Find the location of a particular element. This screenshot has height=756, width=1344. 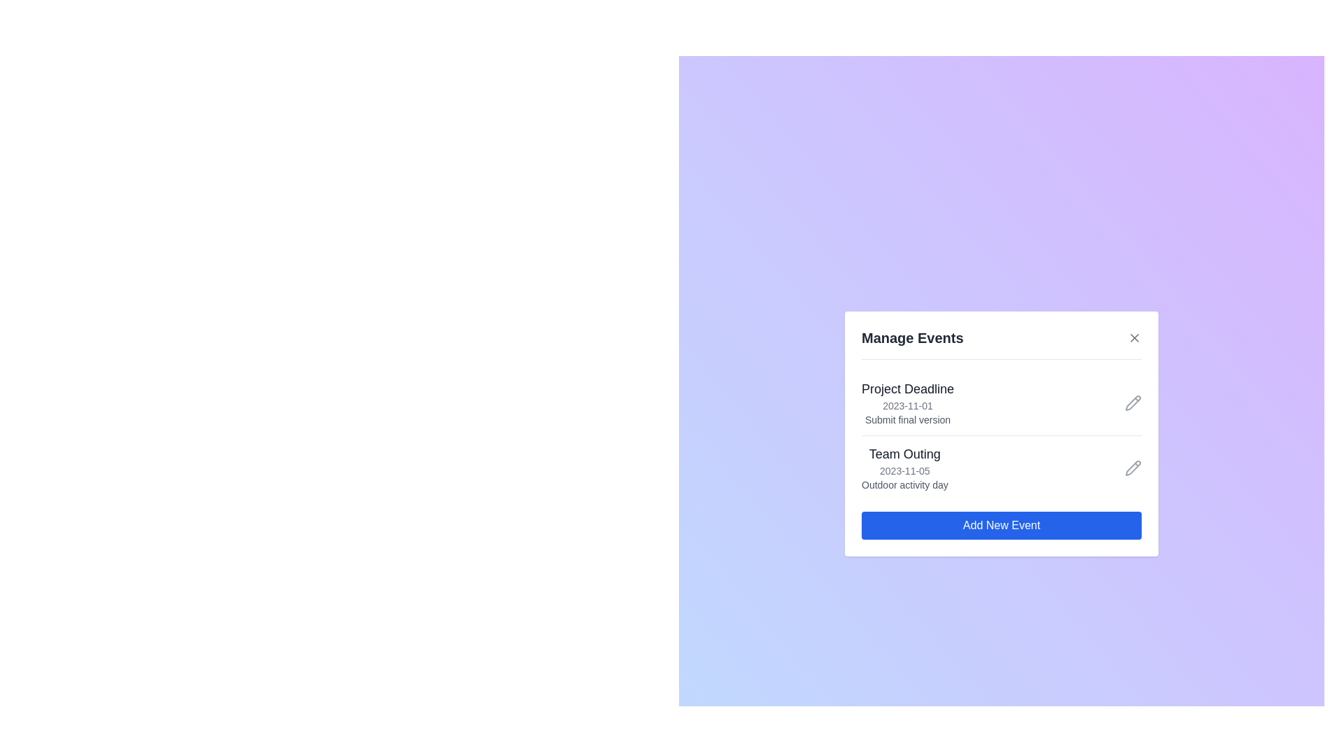

the edit icon for the event titled 'Team Outing' is located at coordinates (1133, 468).